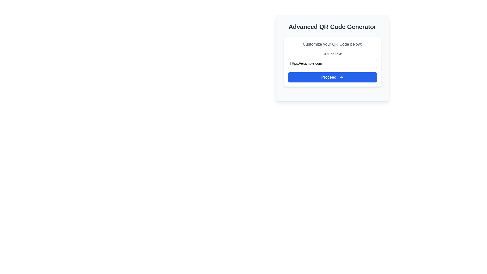  What do you see at coordinates (342, 77) in the screenshot?
I see `the decorative arrow icon that indicates progression, located within a vector graphic next to the 'Proceed' button` at bounding box center [342, 77].